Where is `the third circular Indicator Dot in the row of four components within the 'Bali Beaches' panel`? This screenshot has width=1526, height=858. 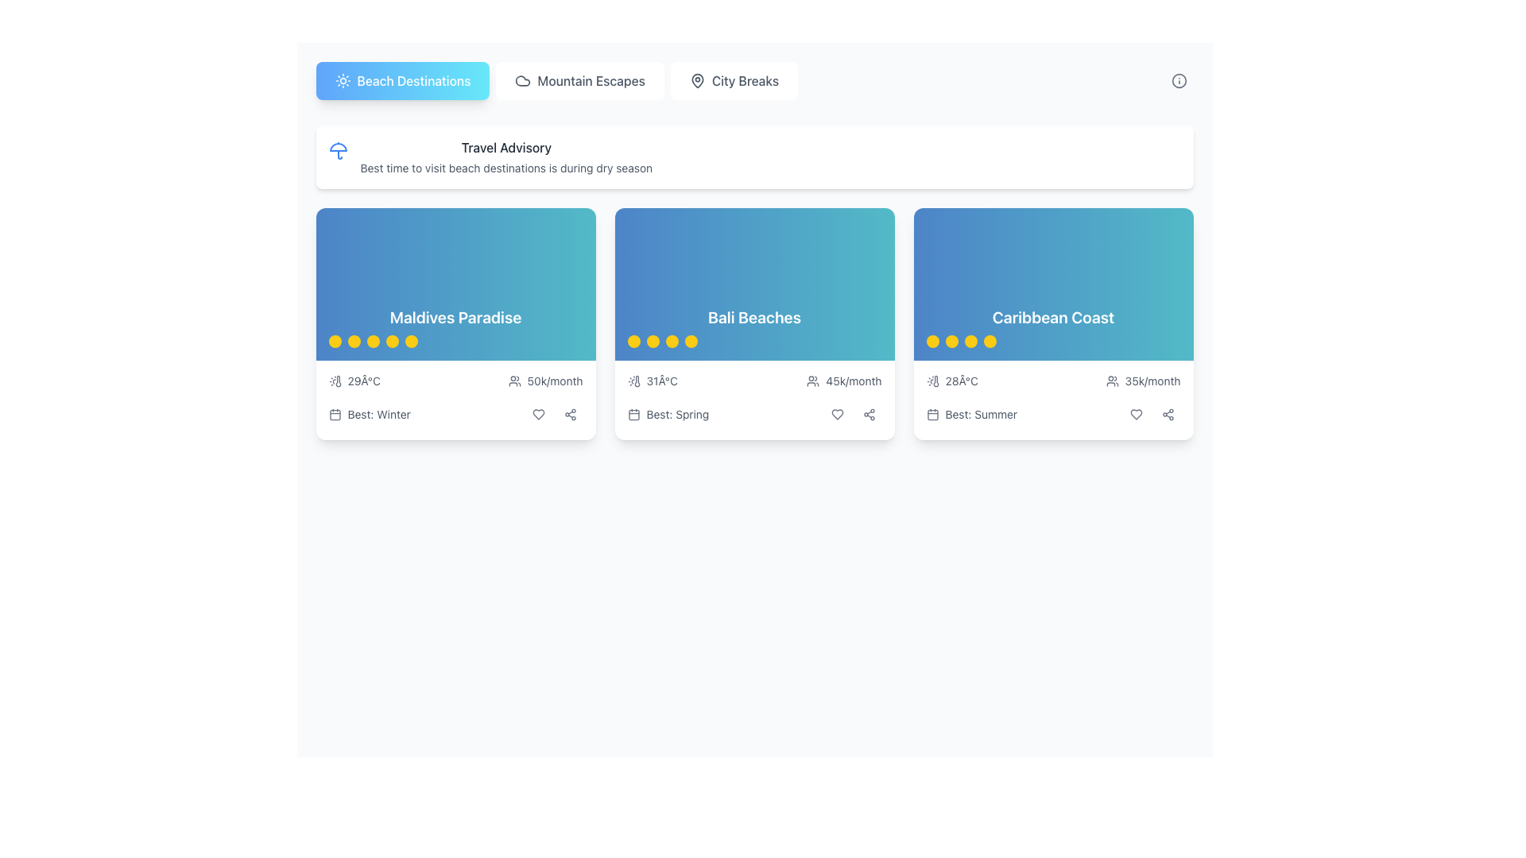
the third circular Indicator Dot in the row of four components within the 'Bali Beaches' panel is located at coordinates (672, 340).